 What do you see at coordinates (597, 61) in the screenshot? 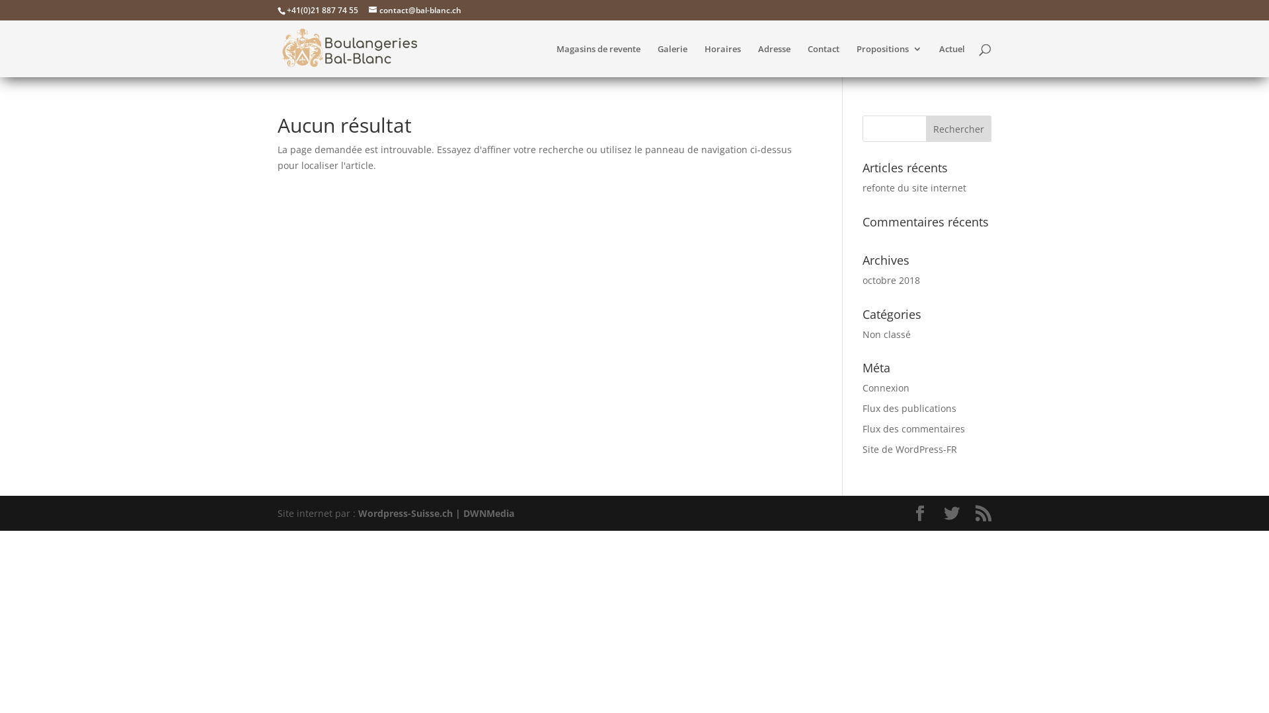
I see `'Magasins de revente'` at bounding box center [597, 61].